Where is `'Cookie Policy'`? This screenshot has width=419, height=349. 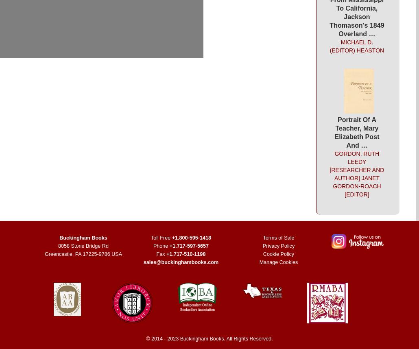
'Cookie Policy' is located at coordinates (262, 254).